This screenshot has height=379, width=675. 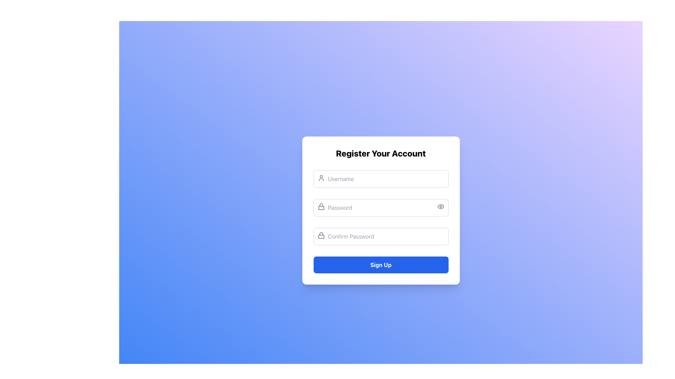 What do you see at coordinates (321, 177) in the screenshot?
I see `the user icon, which is a simplified gray line graphic of a person located to the left of the username input field` at bounding box center [321, 177].